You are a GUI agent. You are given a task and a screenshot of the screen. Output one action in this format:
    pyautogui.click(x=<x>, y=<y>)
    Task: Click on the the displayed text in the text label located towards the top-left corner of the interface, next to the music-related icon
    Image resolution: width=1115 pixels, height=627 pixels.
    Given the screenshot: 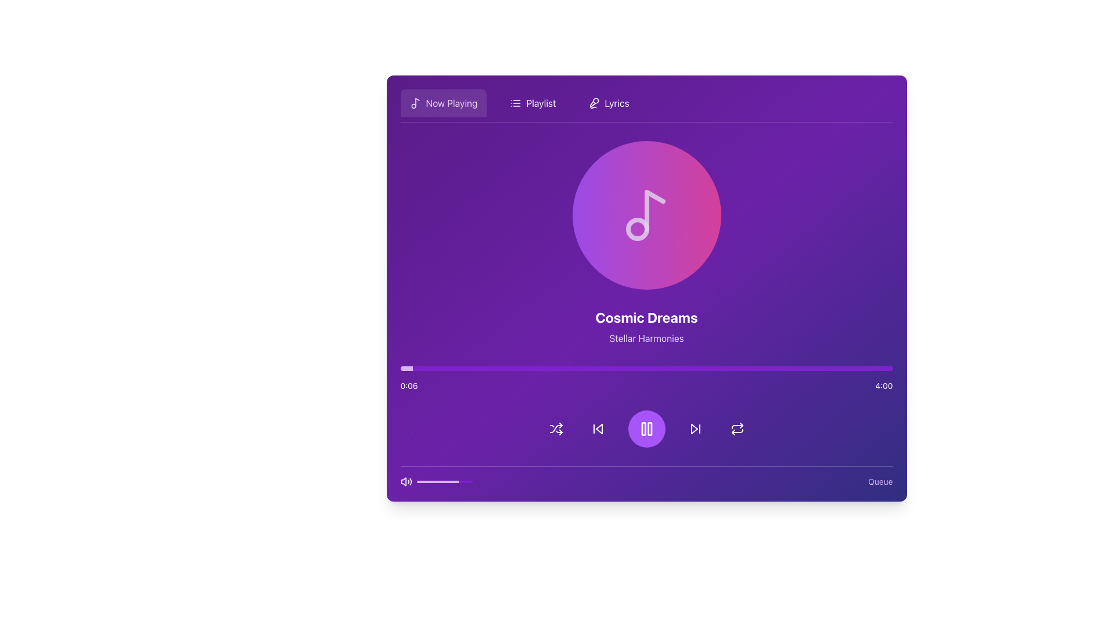 What is the action you would take?
    pyautogui.click(x=451, y=102)
    